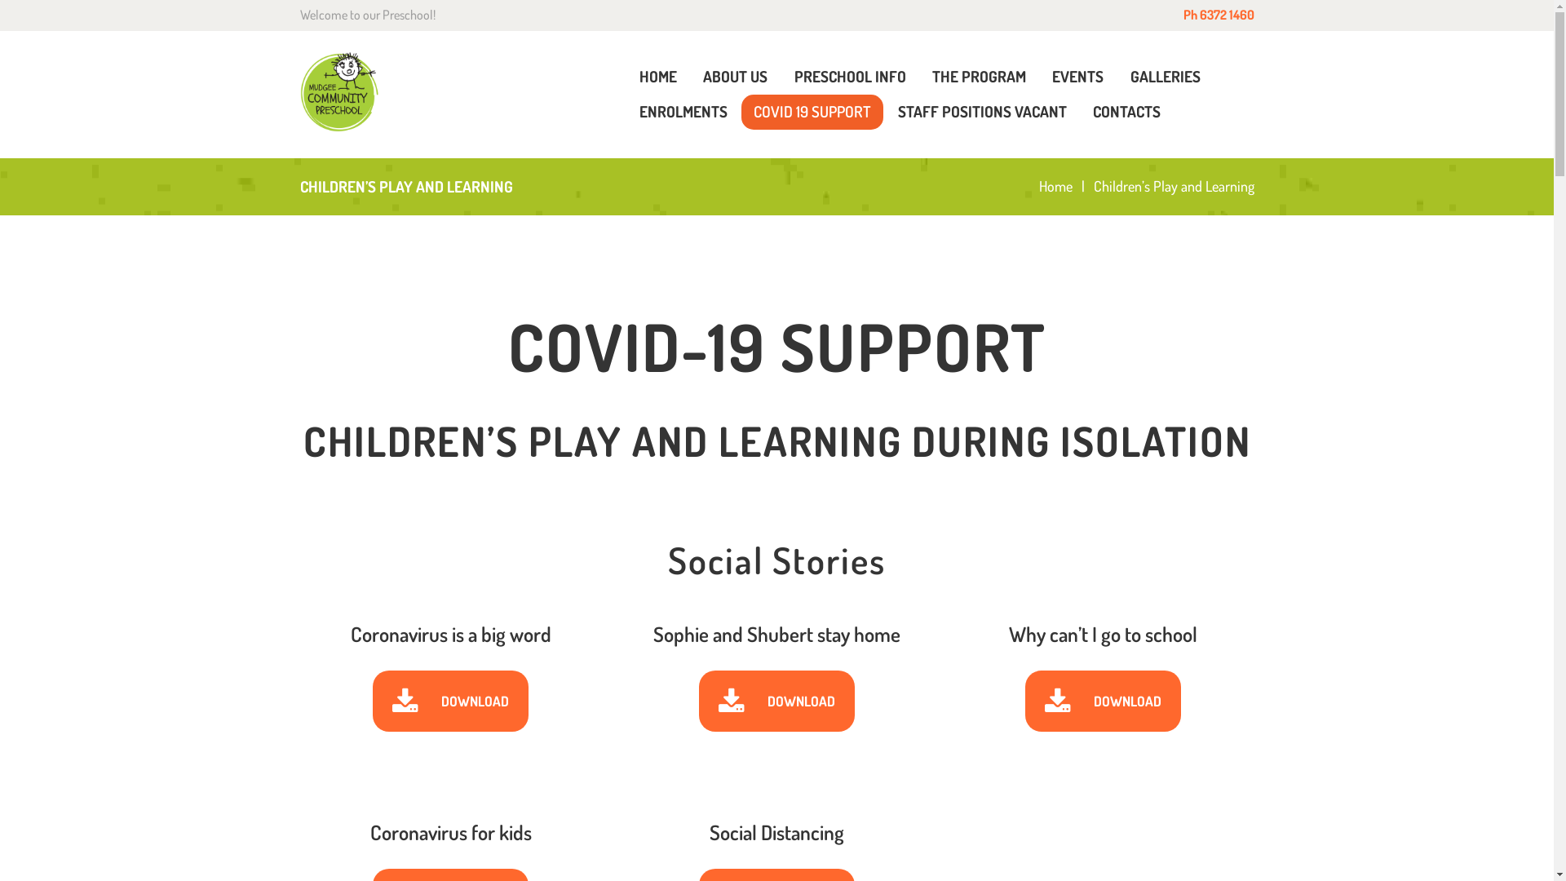 This screenshot has width=1566, height=881. Describe the element at coordinates (626, 77) in the screenshot. I see `'HOME'` at that location.